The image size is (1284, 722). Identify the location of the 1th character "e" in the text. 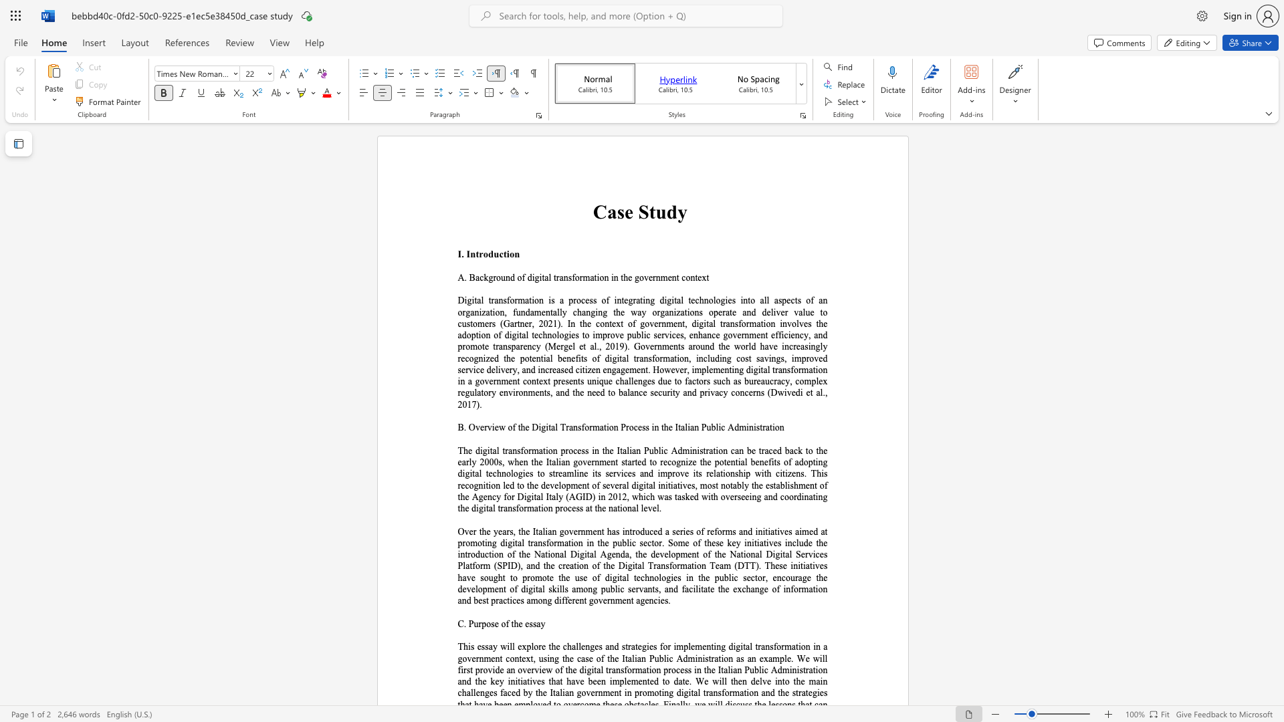
(628, 211).